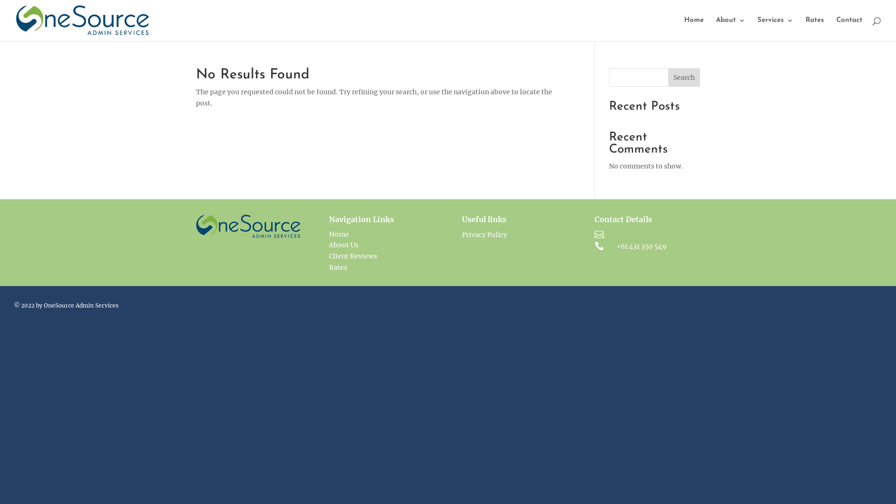 The image size is (896, 504). I want to click on 'Home', so click(338, 233).